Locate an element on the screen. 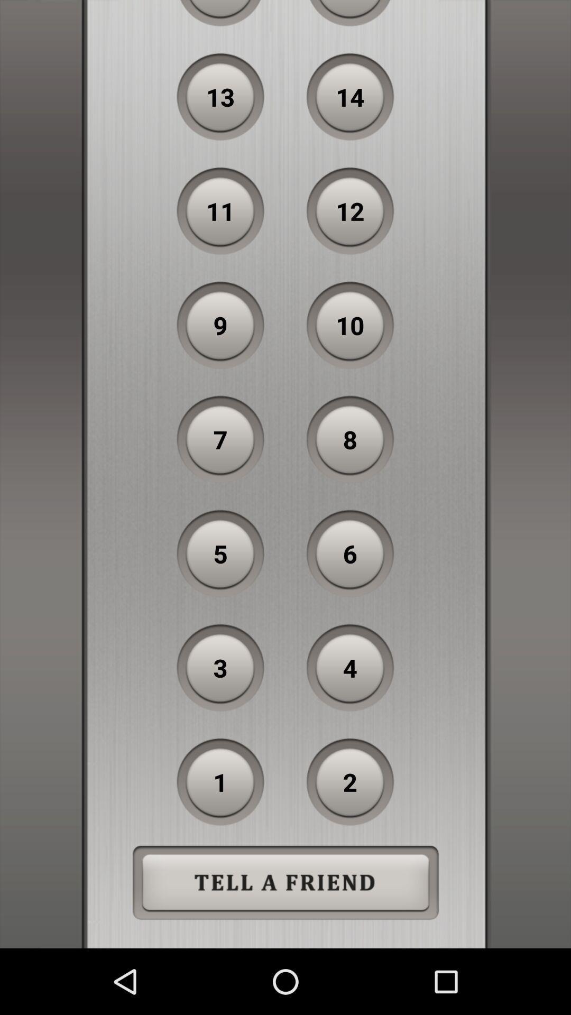 The image size is (571, 1015). 3 is located at coordinates (220, 667).